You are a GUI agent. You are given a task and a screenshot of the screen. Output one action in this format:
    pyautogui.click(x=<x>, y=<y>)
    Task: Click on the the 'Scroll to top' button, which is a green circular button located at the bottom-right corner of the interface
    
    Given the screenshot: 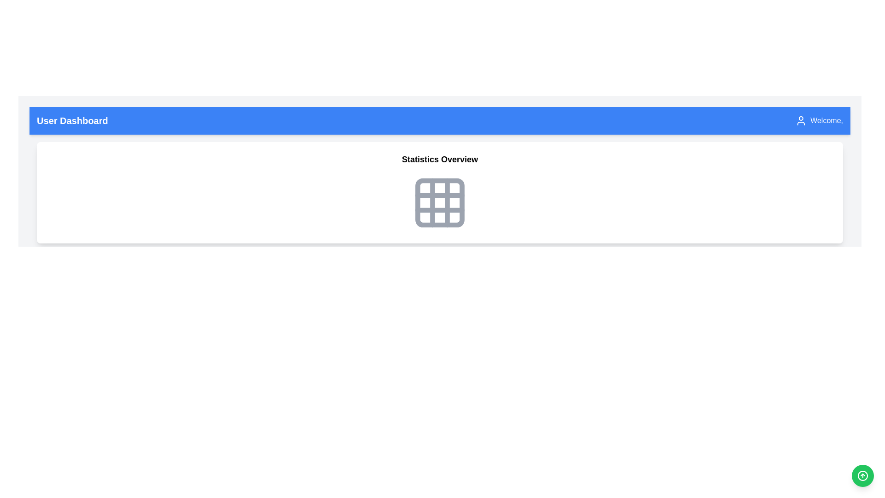 What is the action you would take?
    pyautogui.click(x=862, y=476)
    